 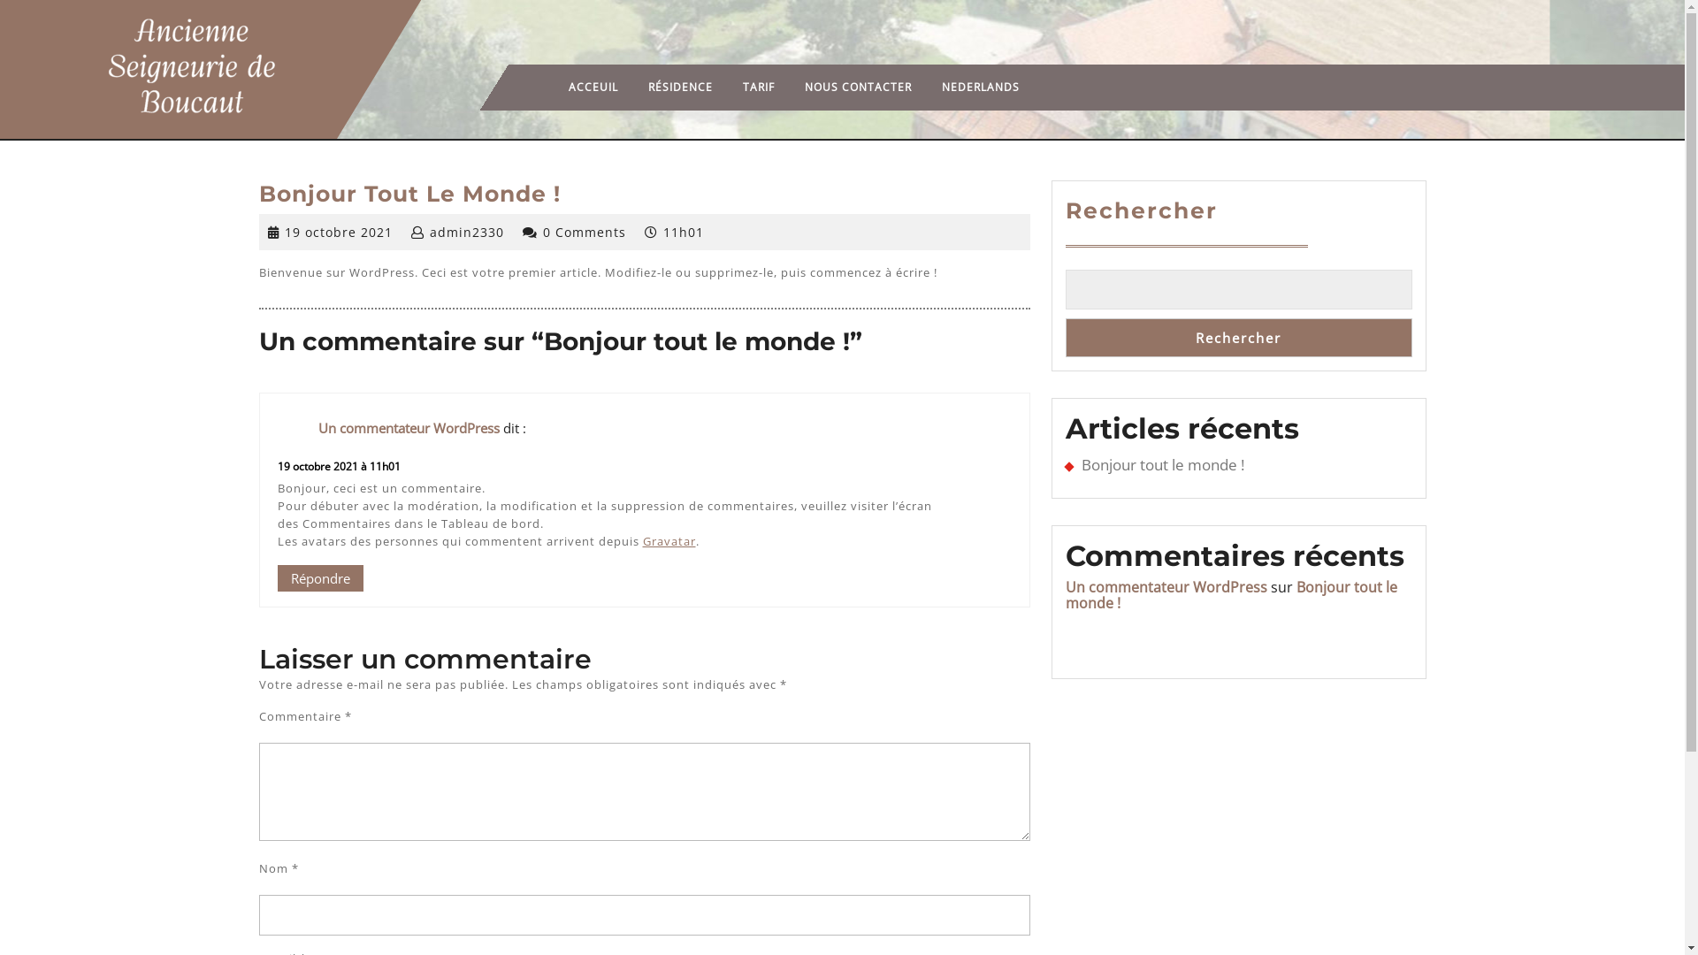 I want to click on 'NEDERLANDS', so click(x=979, y=88).